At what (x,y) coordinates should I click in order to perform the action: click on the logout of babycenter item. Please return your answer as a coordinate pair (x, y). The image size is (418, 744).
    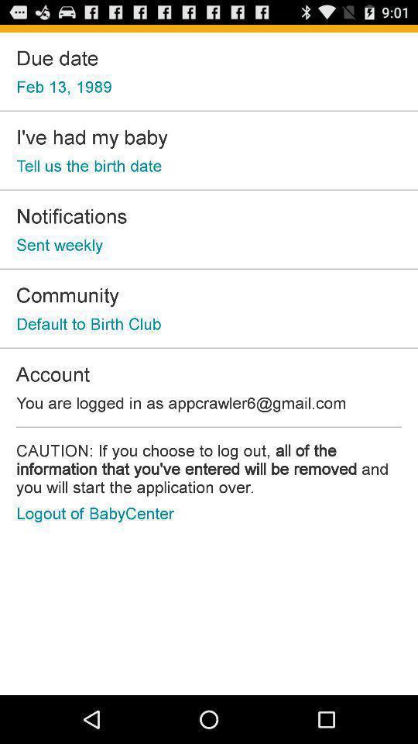
    Looking at the image, I should click on (95, 513).